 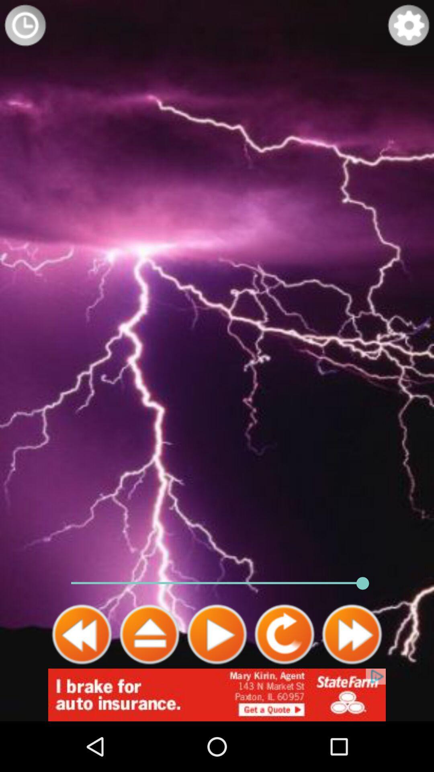 I want to click on fast forward music, so click(x=351, y=634).